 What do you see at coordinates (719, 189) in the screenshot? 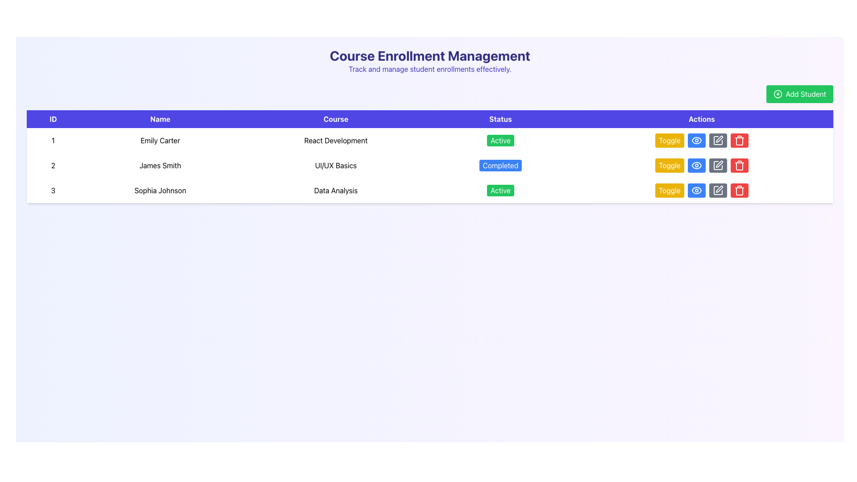
I see `the editing icon button` at bounding box center [719, 189].